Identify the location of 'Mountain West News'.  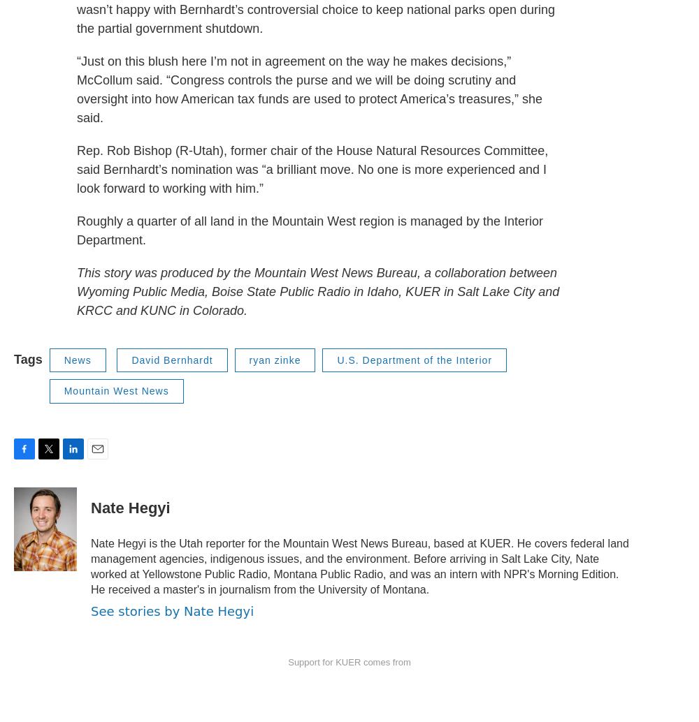
(116, 391).